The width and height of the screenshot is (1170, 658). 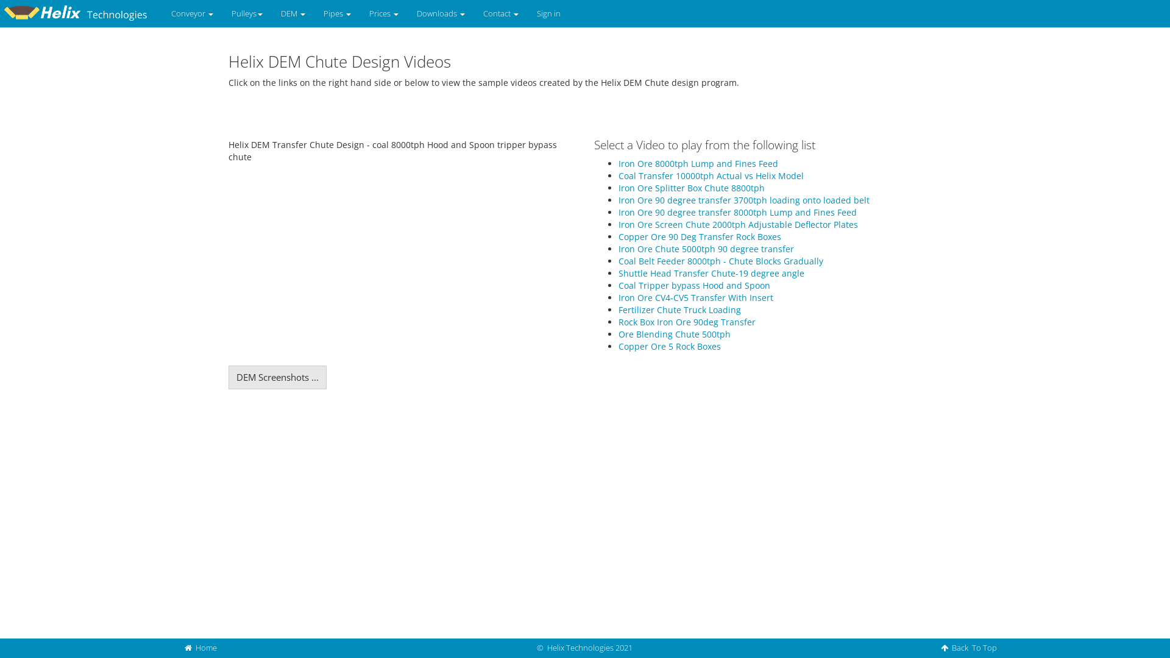 I want to click on 'Copper Ore 90 Deg Transfer Rock Boxes', so click(x=700, y=236).